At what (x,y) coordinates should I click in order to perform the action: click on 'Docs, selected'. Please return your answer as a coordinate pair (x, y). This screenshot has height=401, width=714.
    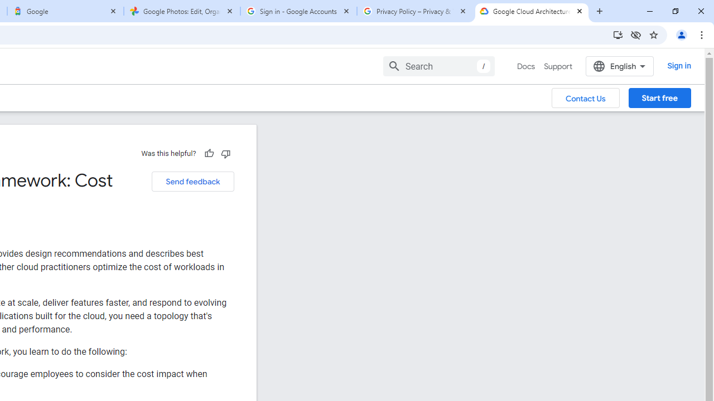
    Looking at the image, I should click on (525, 66).